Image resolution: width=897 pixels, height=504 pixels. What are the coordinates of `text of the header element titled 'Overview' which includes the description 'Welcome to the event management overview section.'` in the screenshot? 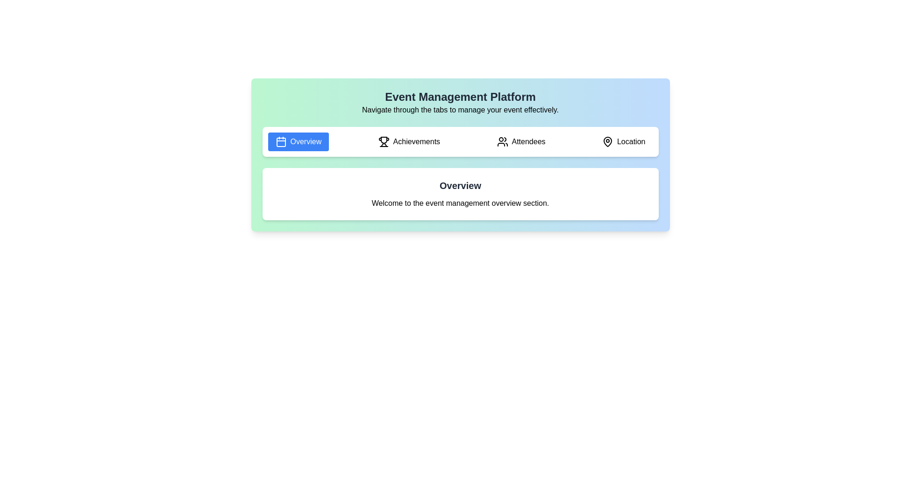 It's located at (460, 194).